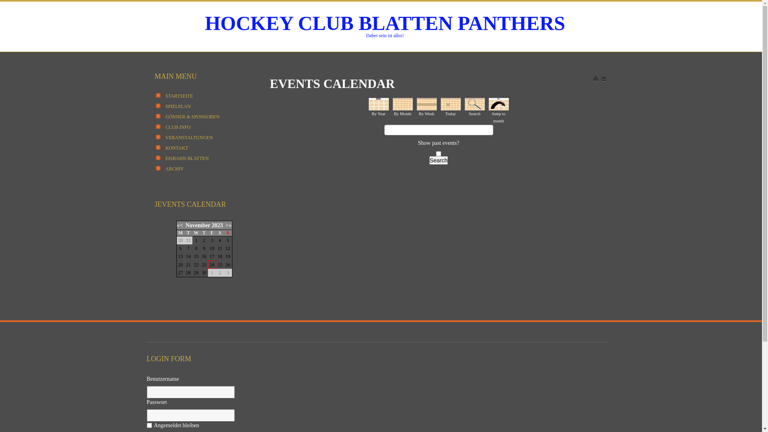 Image resolution: width=768 pixels, height=432 pixels. Describe the element at coordinates (474, 103) in the screenshot. I see `'Search'` at that location.